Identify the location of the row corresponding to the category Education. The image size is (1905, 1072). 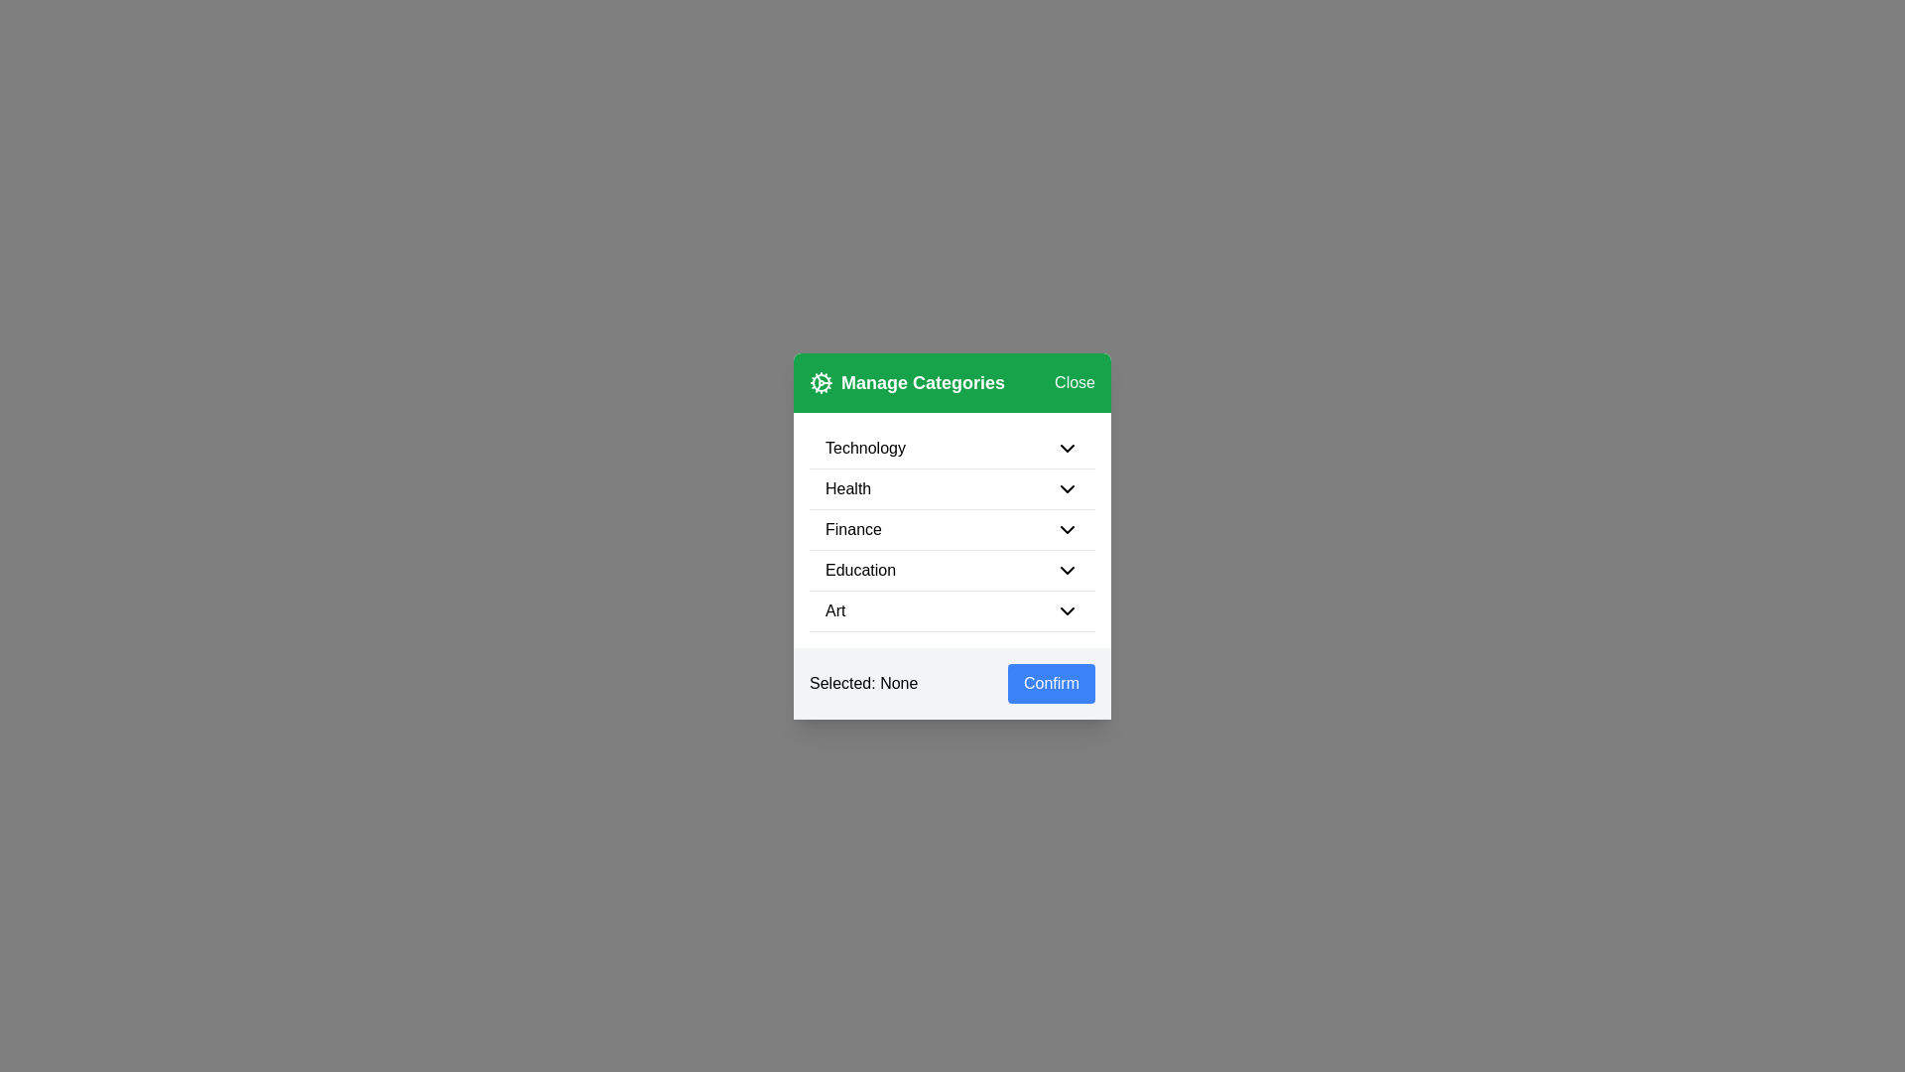
(952, 570).